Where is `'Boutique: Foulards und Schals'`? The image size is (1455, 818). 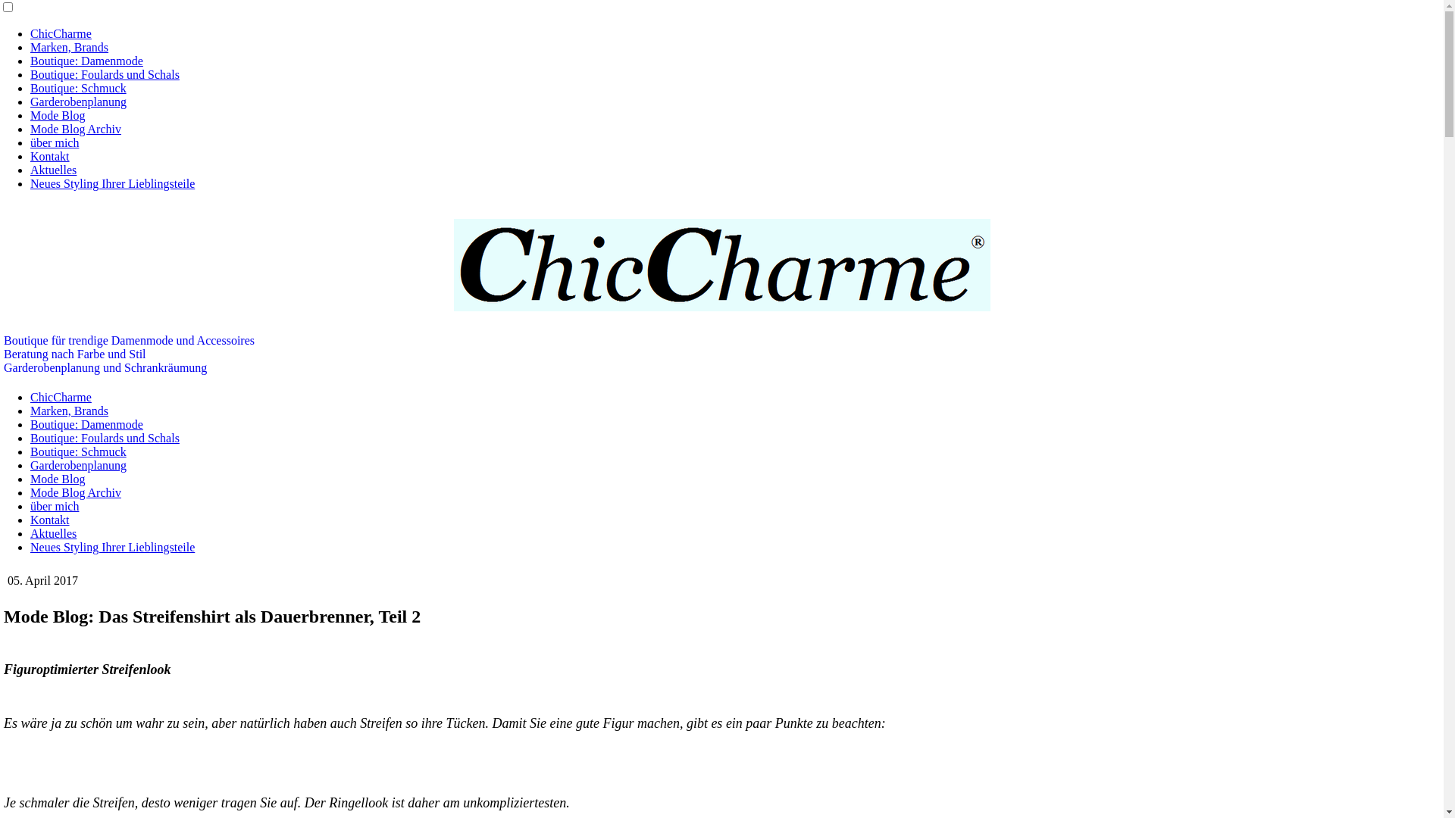 'Boutique: Foulards und Schals' is located at coordinates (30, 438).